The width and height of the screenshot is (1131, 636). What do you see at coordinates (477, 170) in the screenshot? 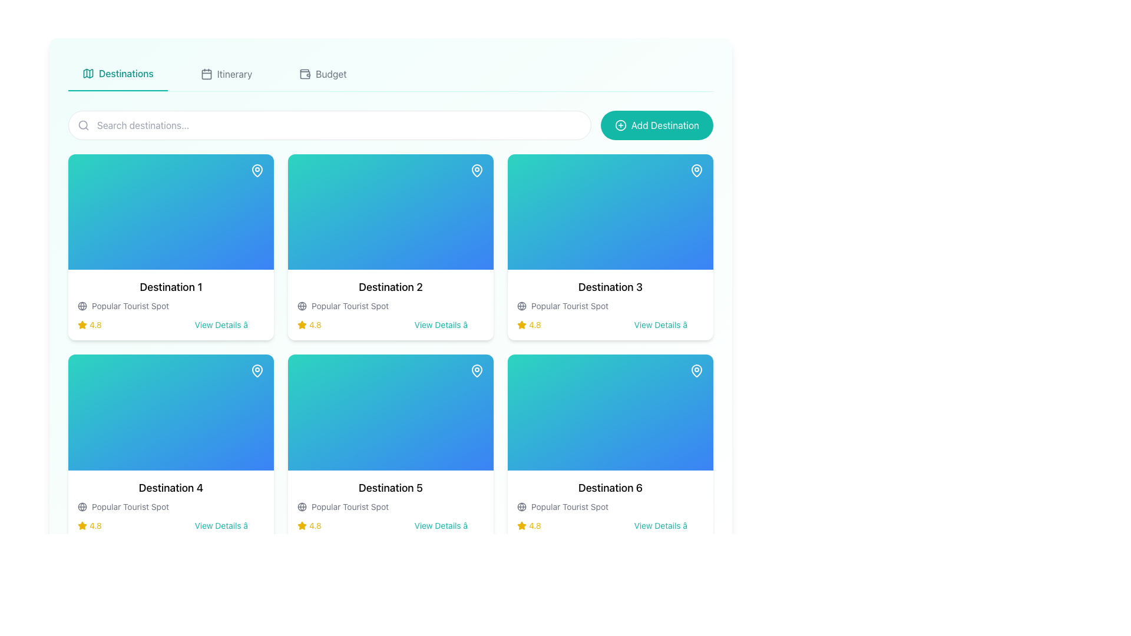
I see `the minimalistic map pin icon located at the top-right corner inside the blue-gradient card labeled 'Destination 2'` at bounding box center [477, 170].